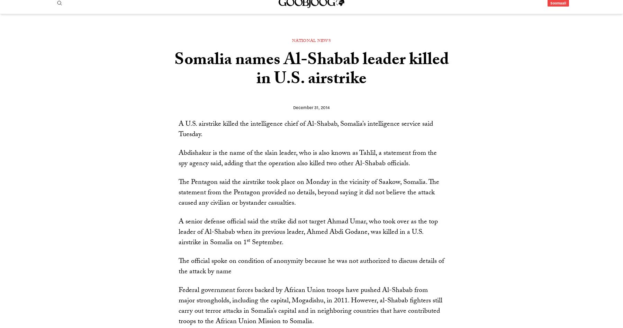  What do you see at coordinates (403, 32) in the screenshot?
I see `'Culture & Books'` at bounding box center [403, 32].